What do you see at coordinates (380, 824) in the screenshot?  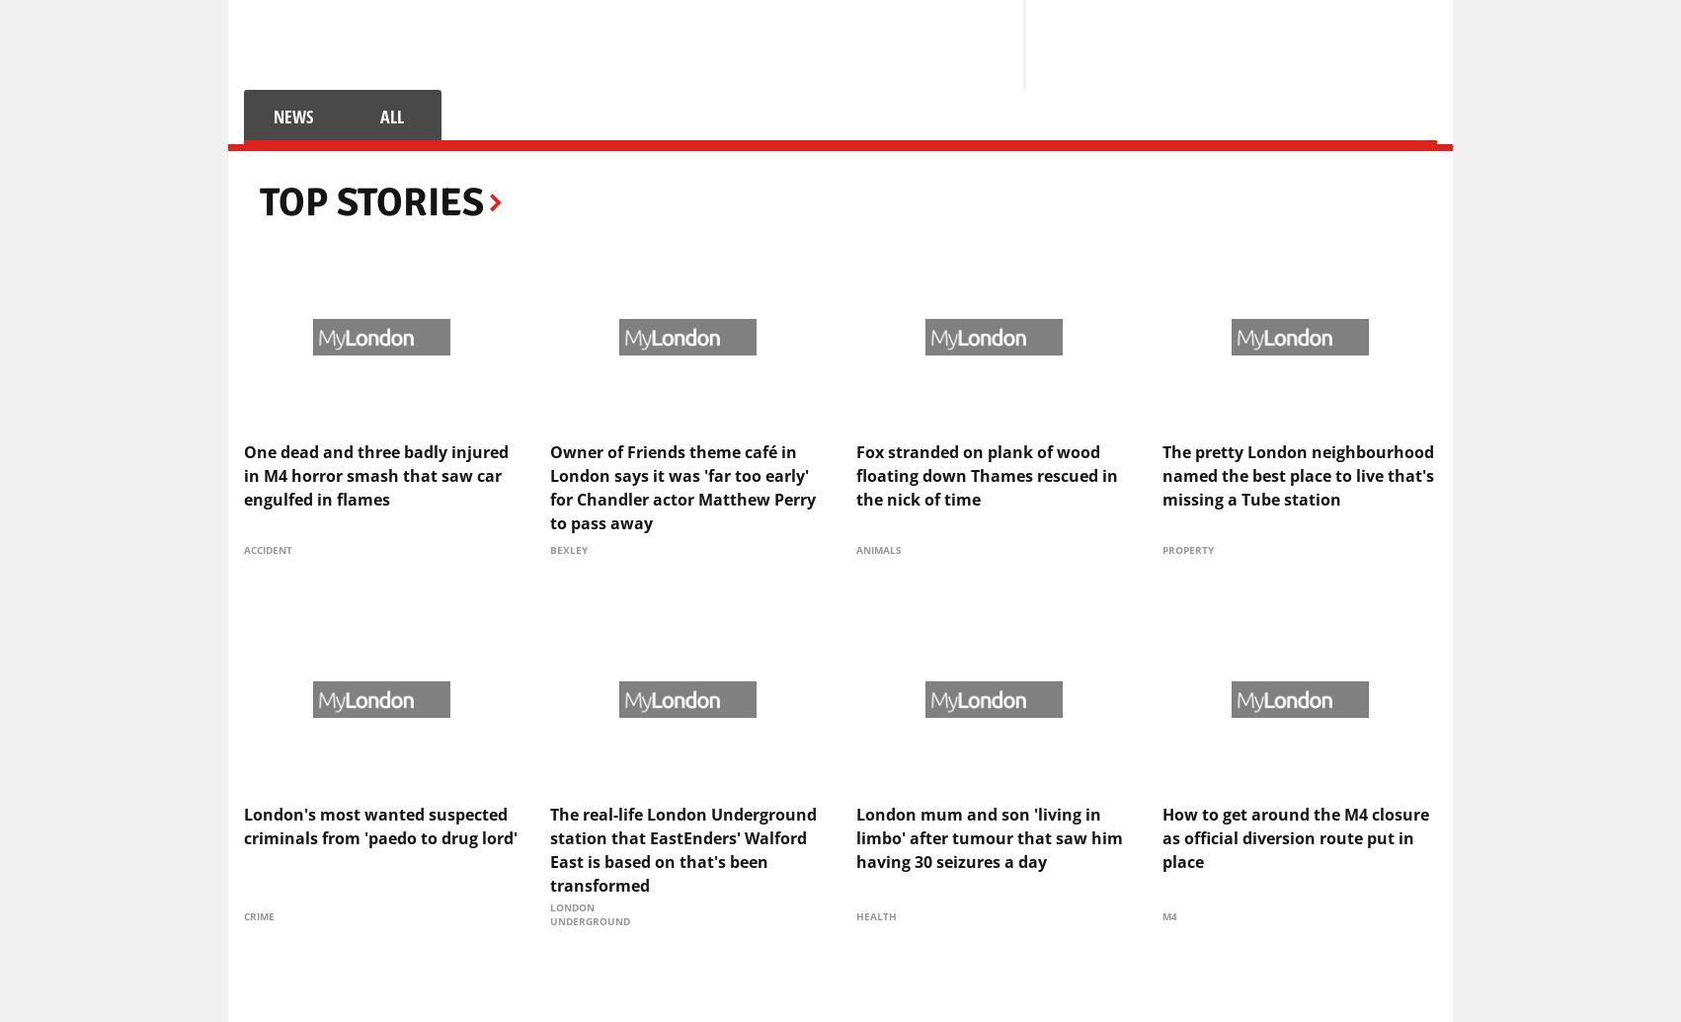 I see `'London's most wanted suspected criminals from 'paedo to drug lord''` at bounding box center [380, 824].